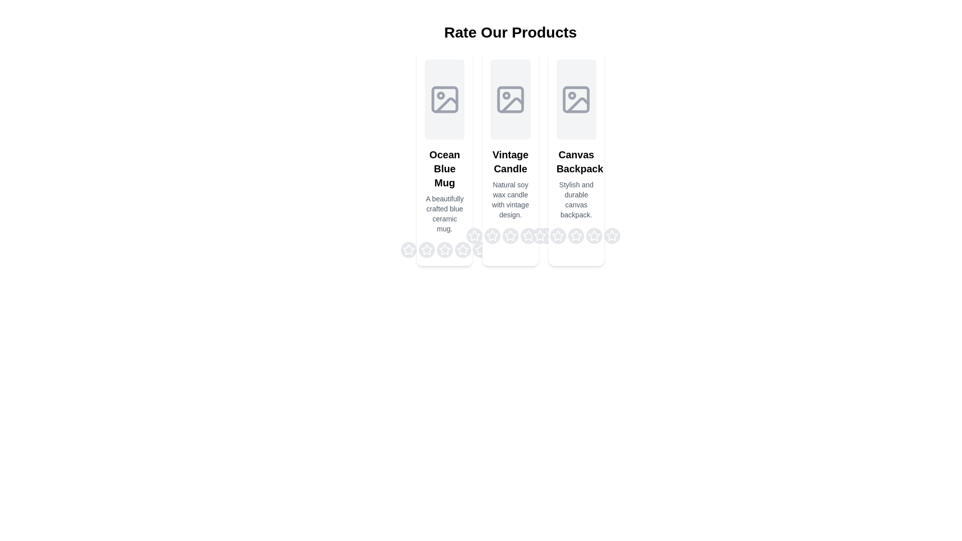  What do you see at coordinates (444, 158) in the screenshot?
I see `the product card for Ocean Blue Mug to view its layout` at bounding box center [444, 158].